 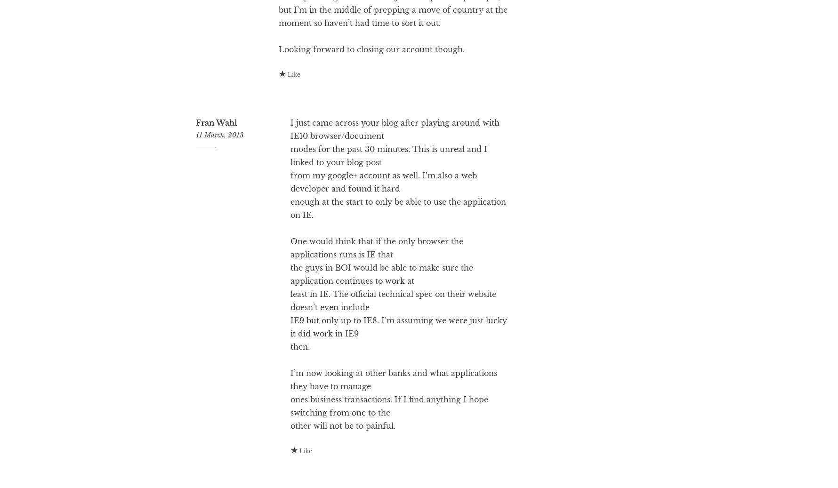 What do you see at coordinates (371, 87) in the screenshot?
I see `'Looking forward to closing our account though.'` at bounding box center [371, 87].